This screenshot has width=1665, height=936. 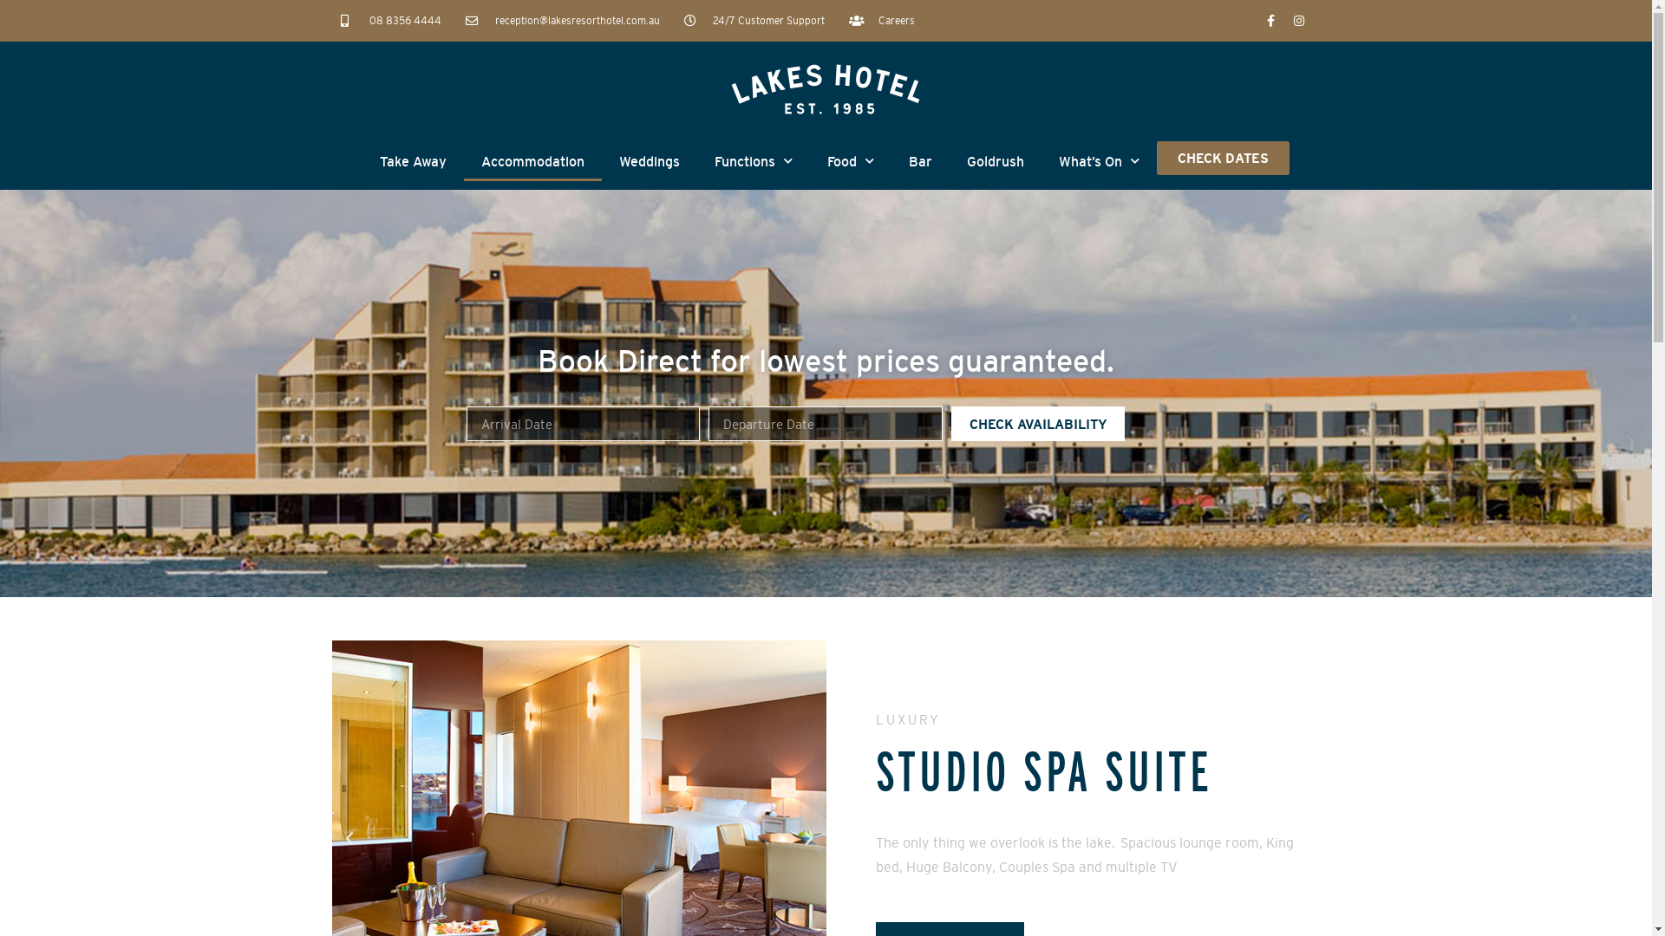 I want to click on 'CHECK DATES', so click(x=1222, y=158).